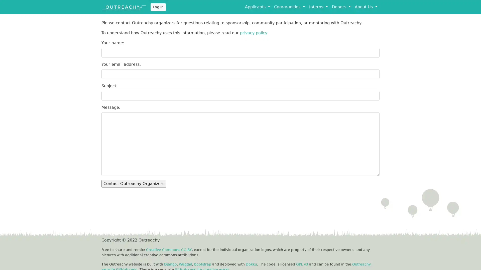 This screenshot has height=270, width=481. Describe the element at coordinates (134, 184) in the screenshot. I see `Contact Outreachy Organizers` at that location.